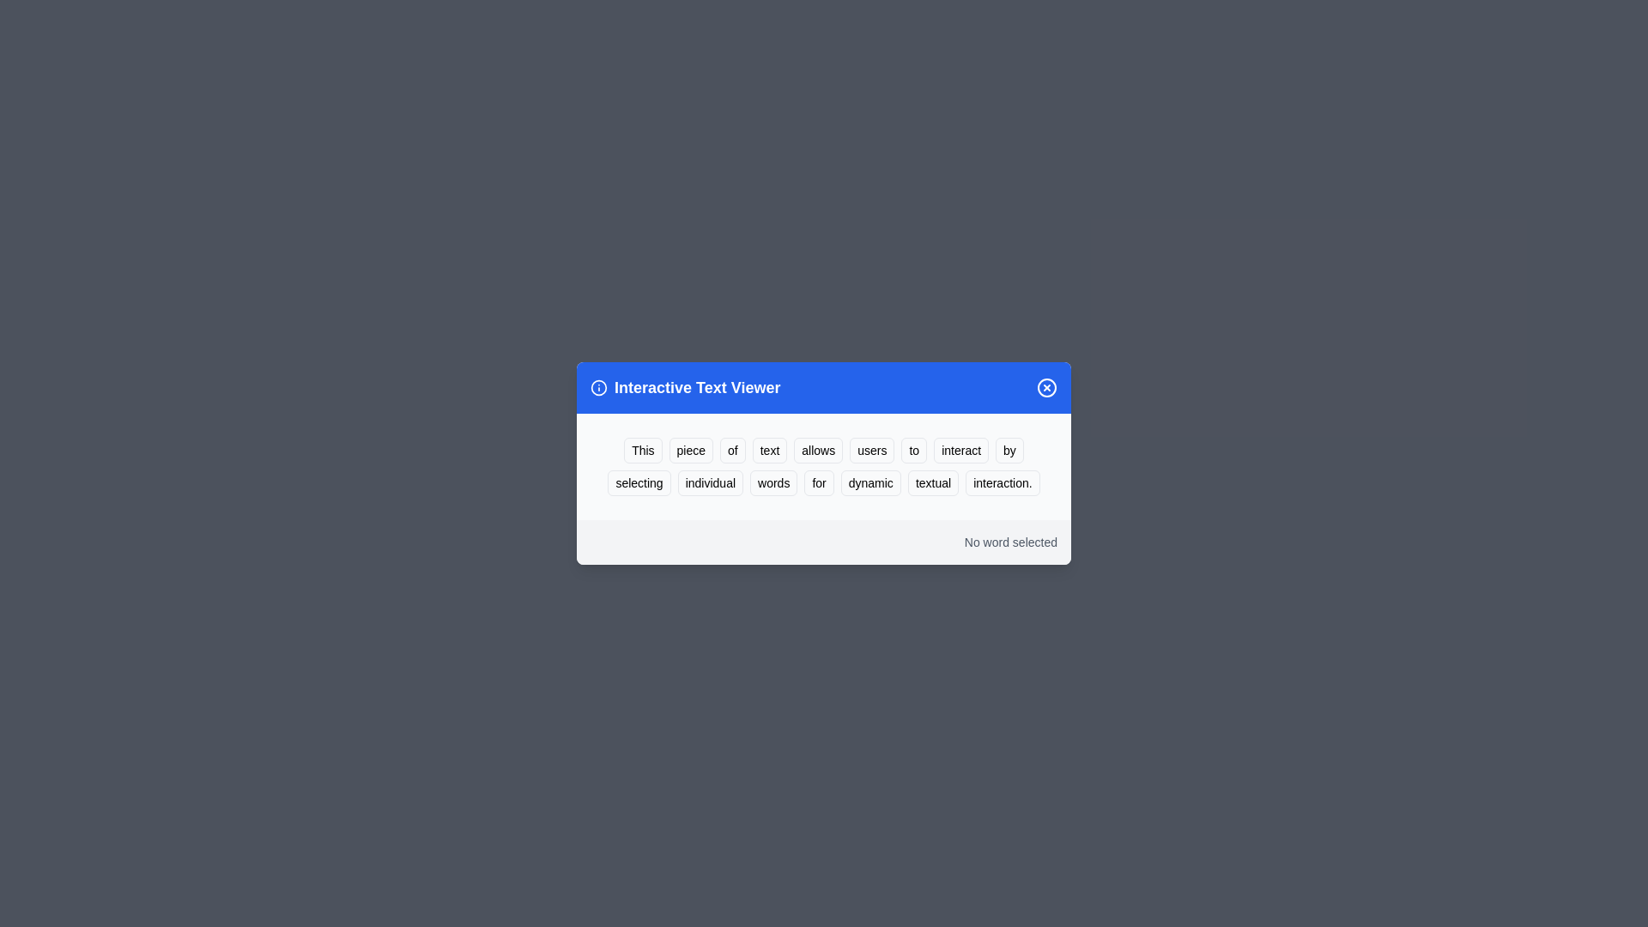  What do you see at coordinates (872, 449) in the screenshot?
I see `the word 'users' to highlight it` at bounding box center [872, 449].